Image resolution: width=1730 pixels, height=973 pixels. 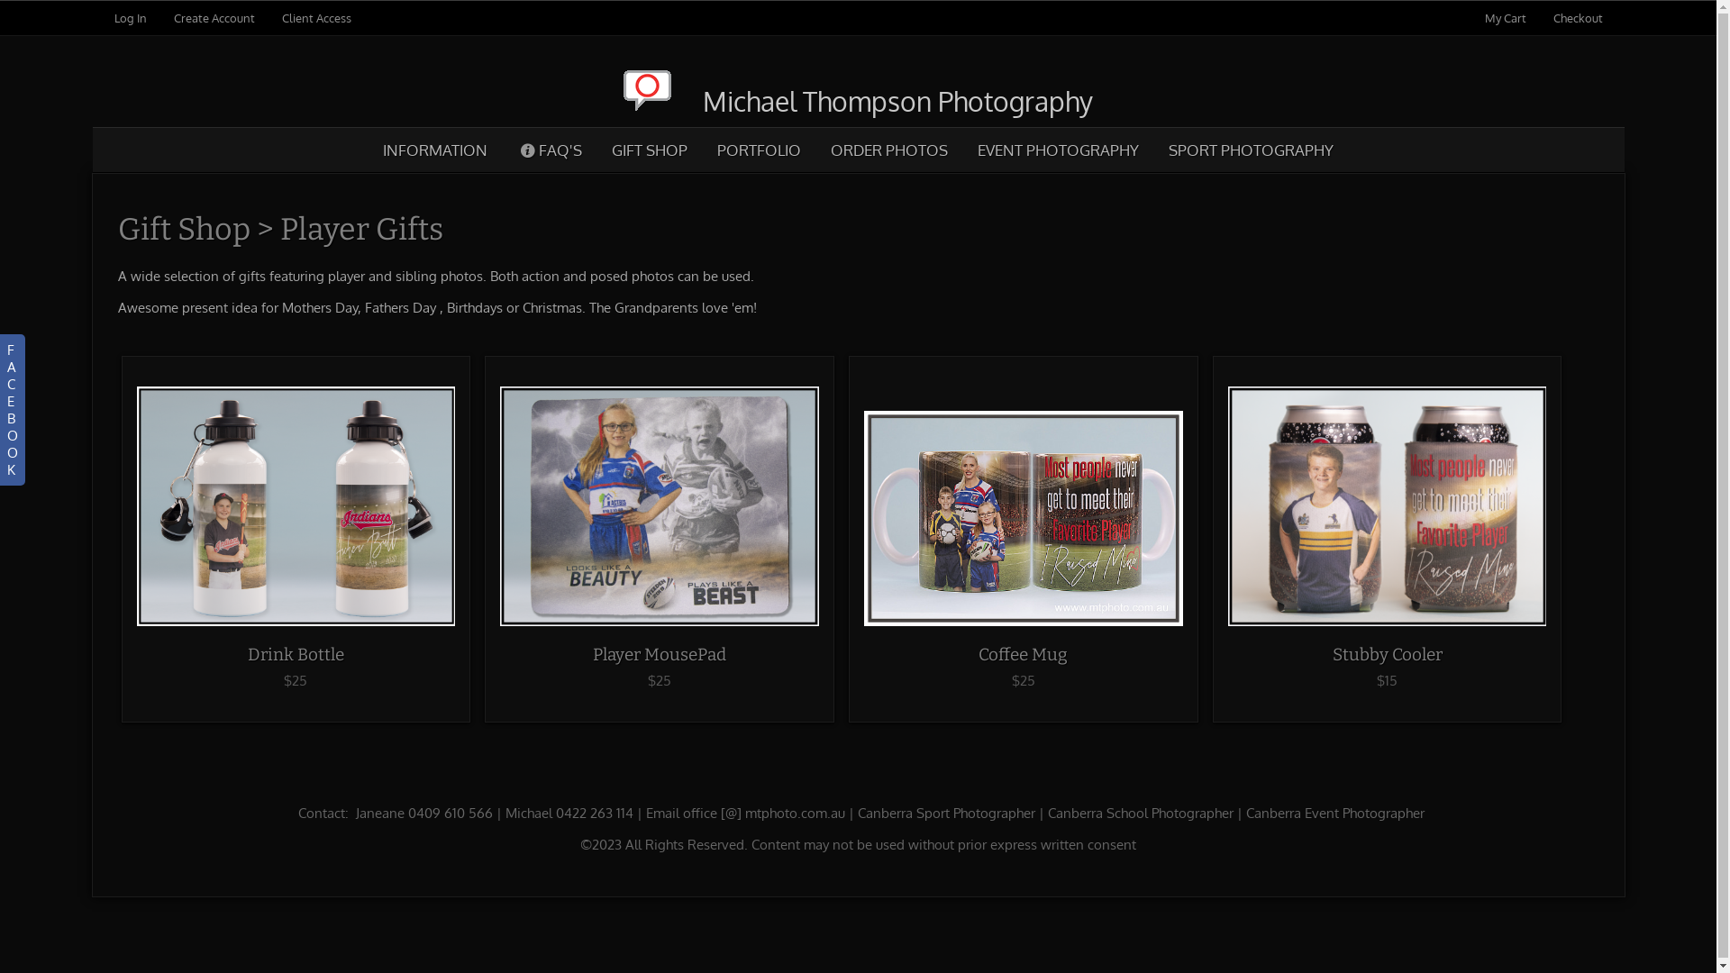 I want to click on 'SPORT PHOTOGRAPHY', so click(x=1249, y=149).